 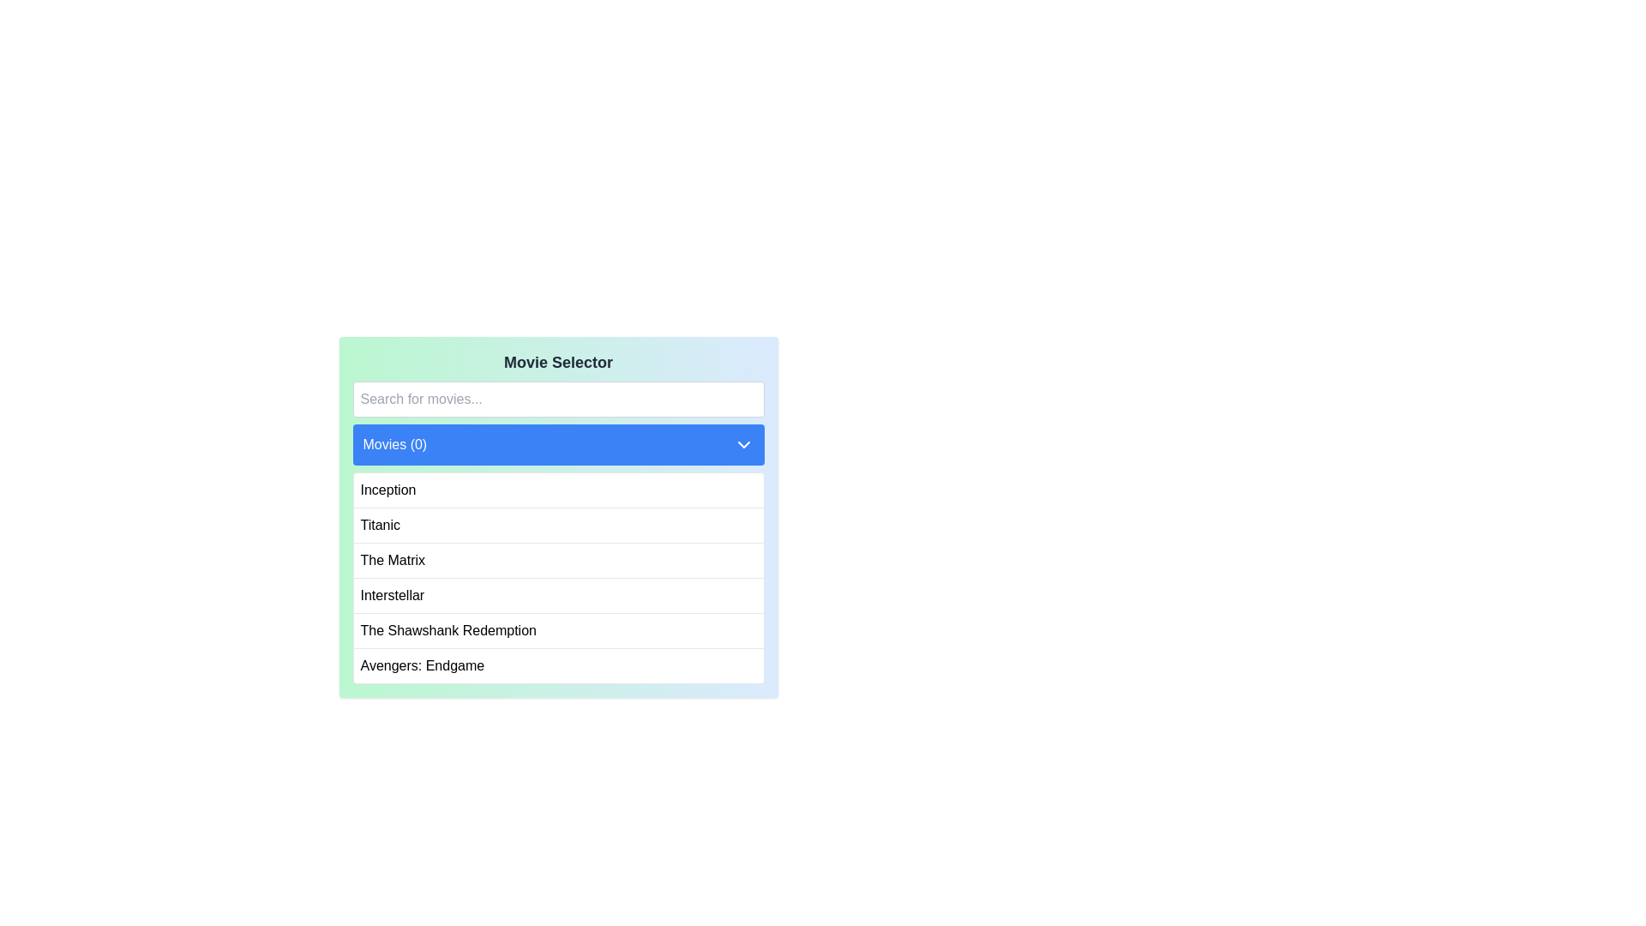 What do you see at coordinates (743, 444) in the screenshot?
I see `the chevron icon located at the far right end of the 'Movies (0)' button` at bounding box center [743, 444].